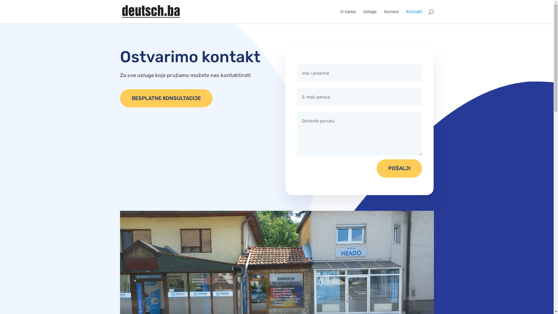 This screenshot has width=558, height=314. Describe the element at coordinates (348, 16) in the screenshot. I see `'O nama'` at that location.